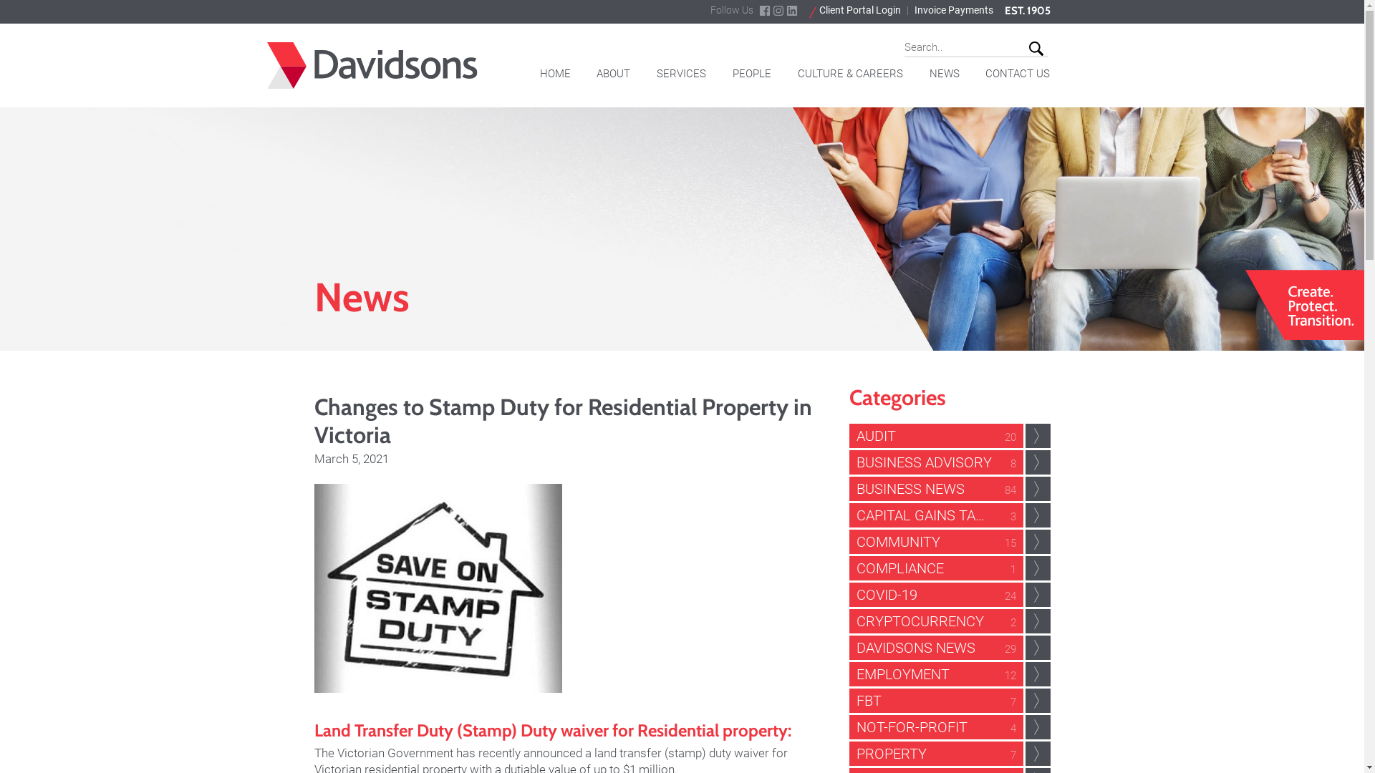 This screenshot has width=1375, height=773. I want to click on 'HOME', so click(554, 77).